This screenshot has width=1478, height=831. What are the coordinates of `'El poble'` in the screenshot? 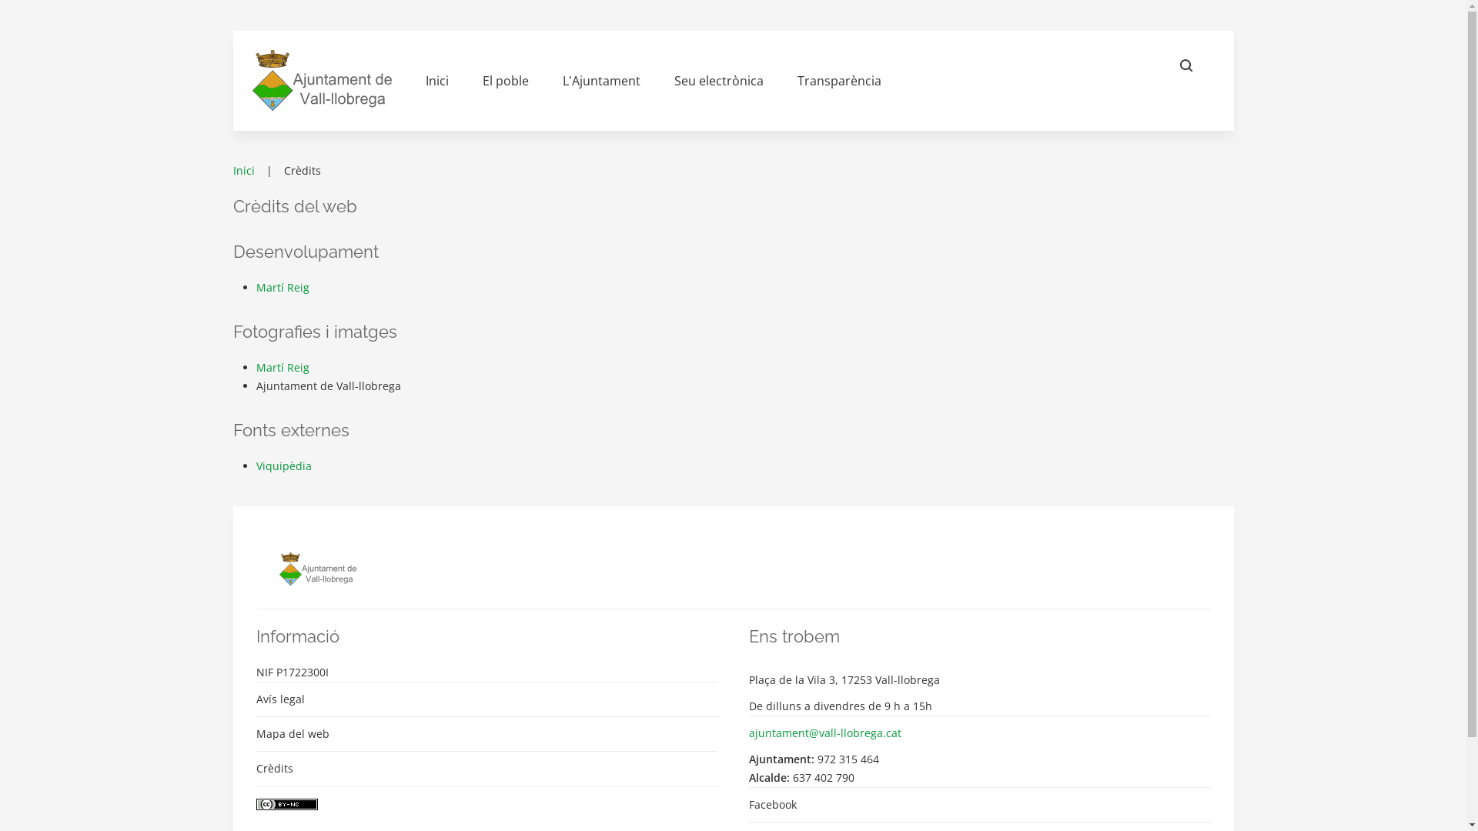 It's located at (506, 80).